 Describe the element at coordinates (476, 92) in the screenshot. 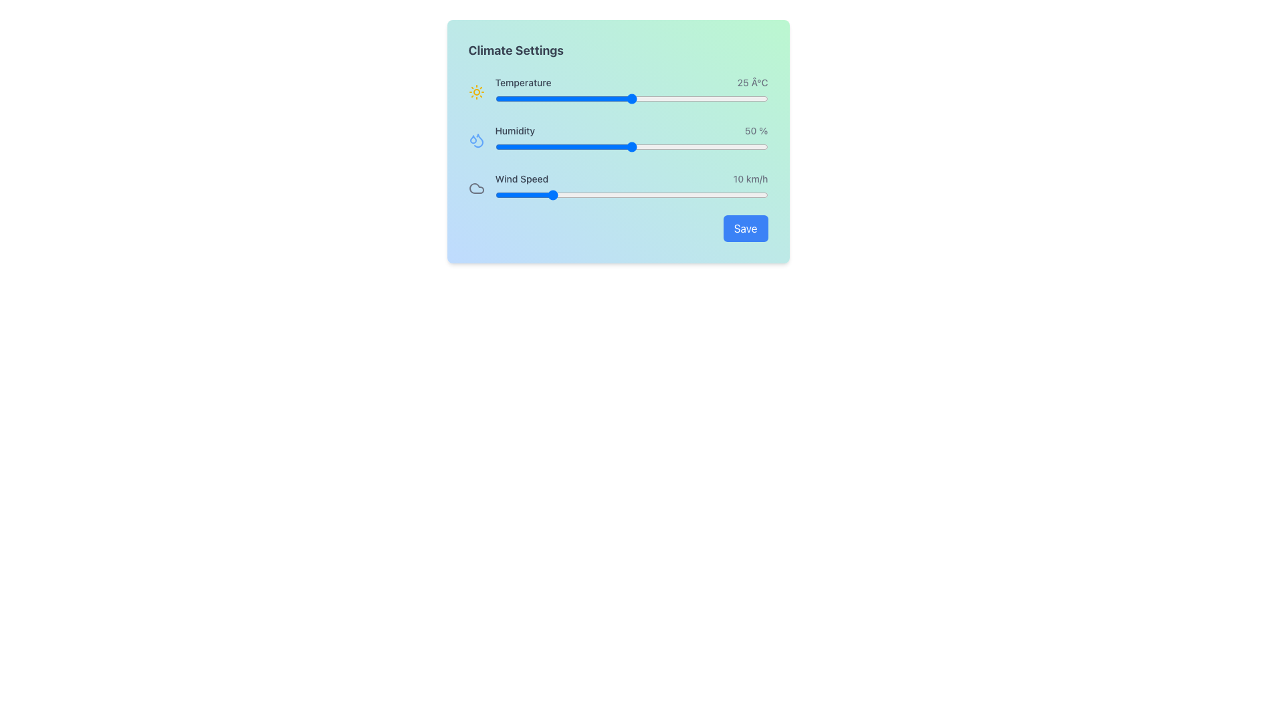

I see `the sun-shaped icon with rays extending outward, which is yellow and located to the left of the 'Temperature' text in the climate control settings section` at that location.